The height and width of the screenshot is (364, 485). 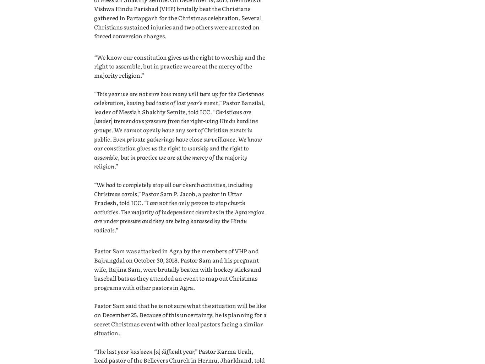 I want to click on '“We know our constitution gives us the right to worship and the right to assemble, but in practice we are at the mercy of the majority religion.”', so click(x=94, y=65).